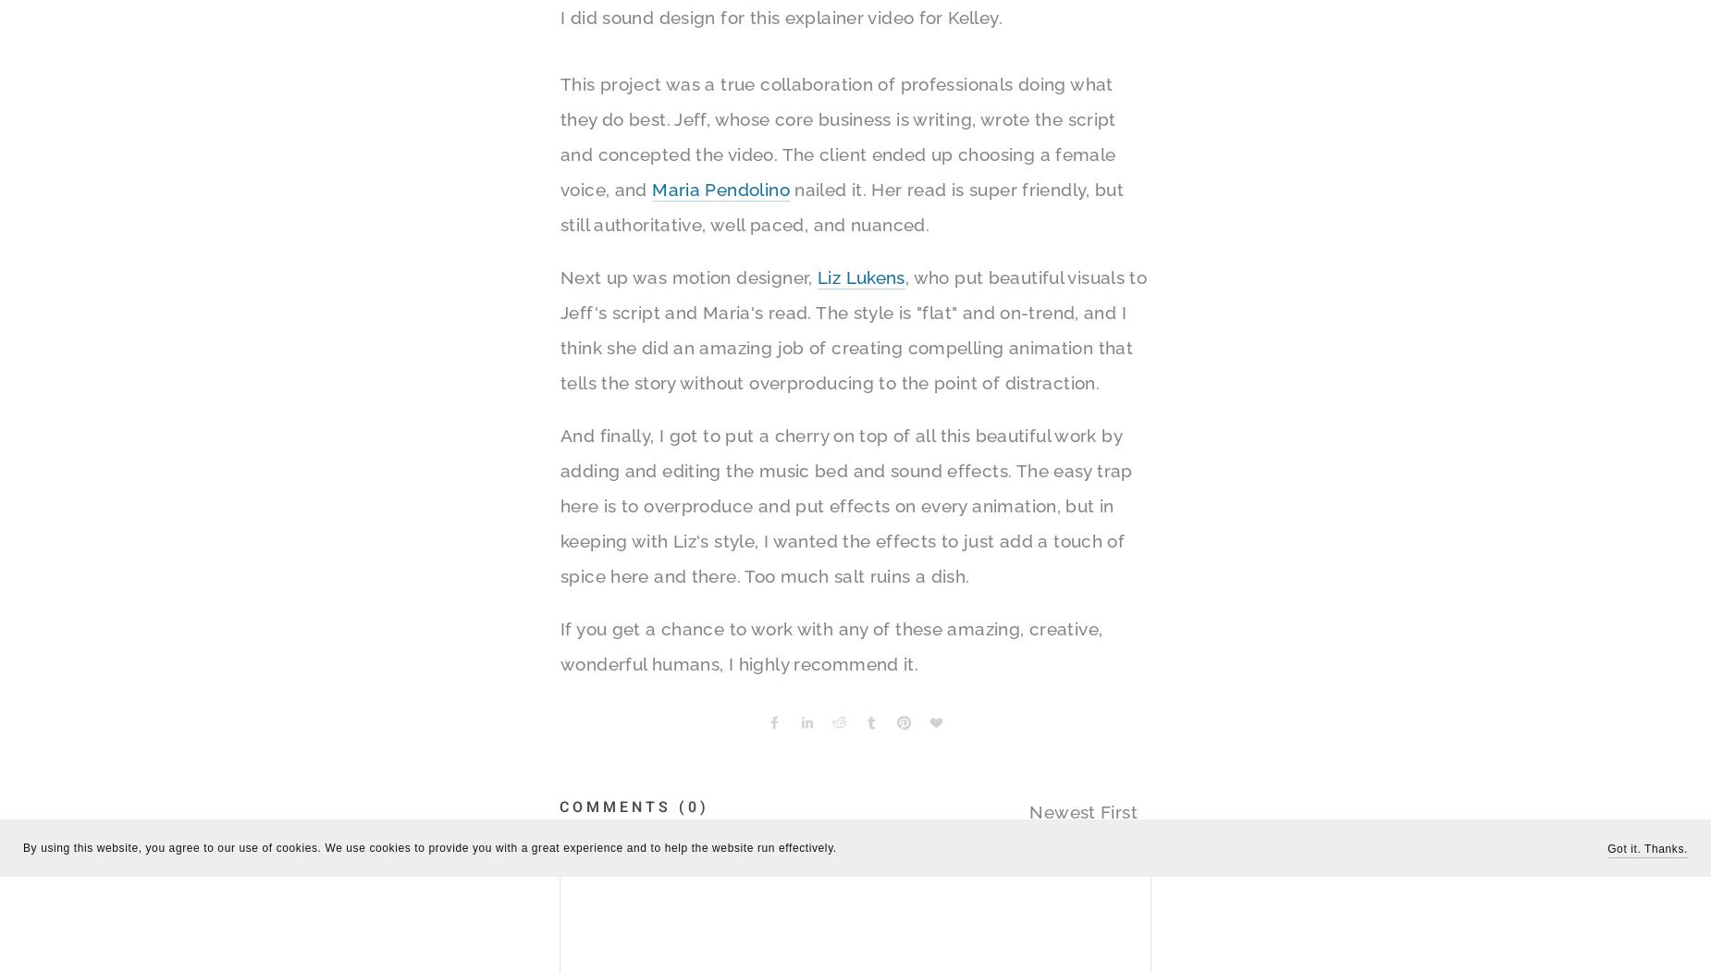 The image size is (1711, 973). I want to click on 'Liz Lukens', so click(859, 277).